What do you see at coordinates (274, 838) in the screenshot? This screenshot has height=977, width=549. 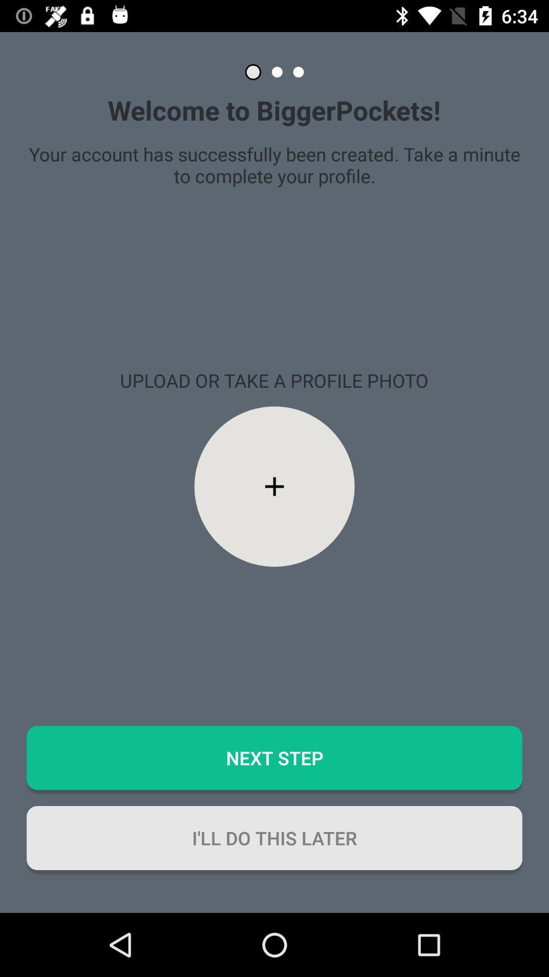 I see `i ll do icon` at bounding box center [274, 838].